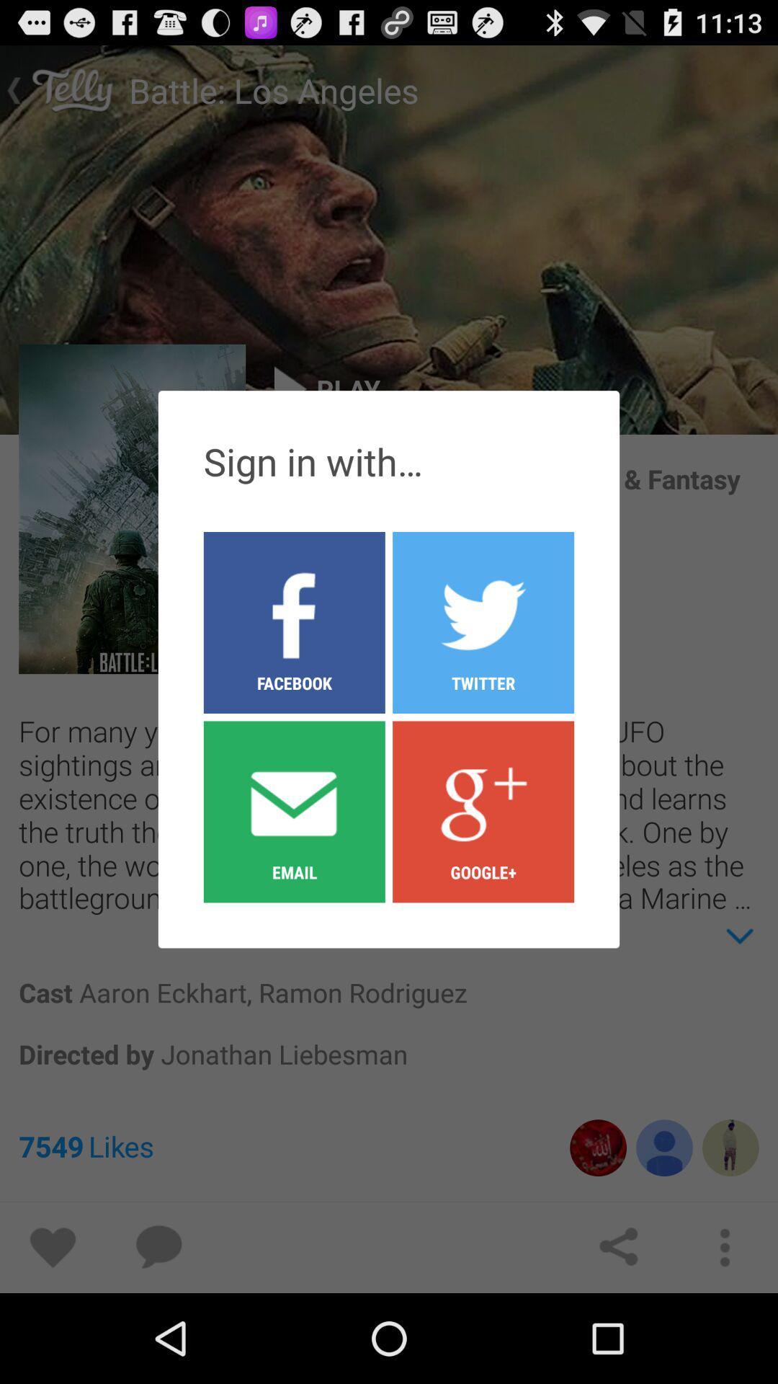 This screenshot has width=778, height=1384. I want to click on google+ icon, so click(483, 811).